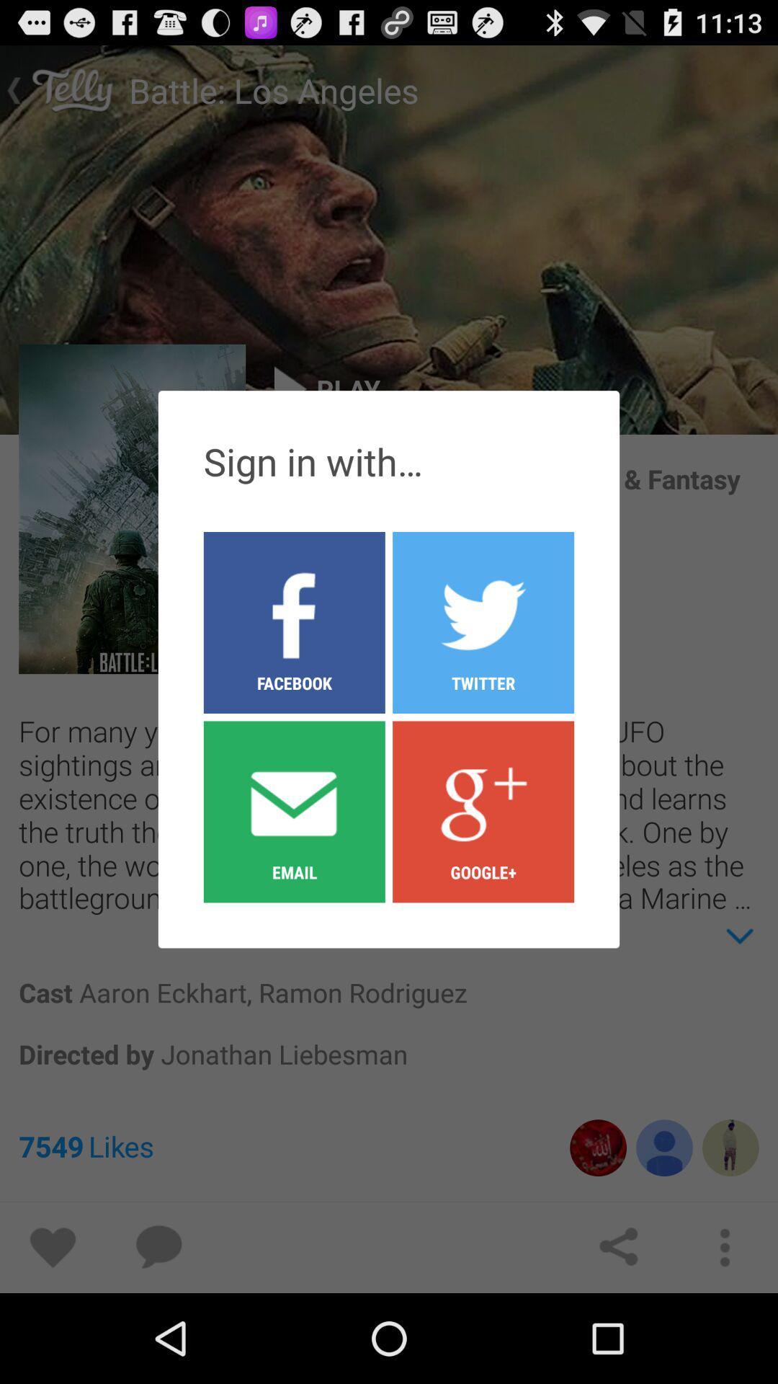 This screenshot has width=778, height=1384. I want to click on google+ icon, so click(483, 811).